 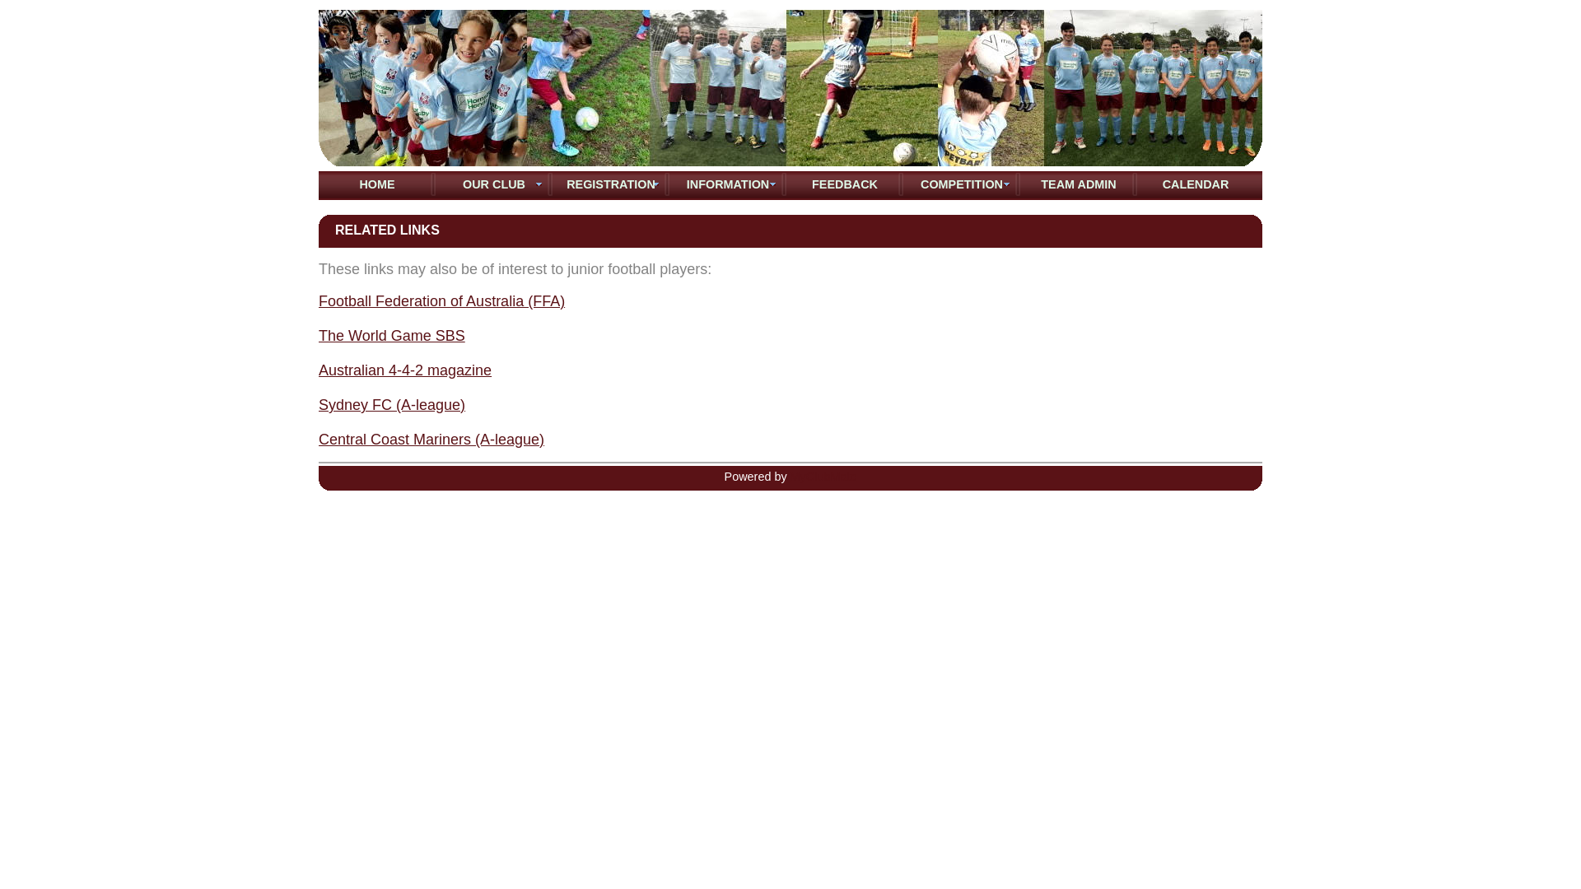 What do you see at coordinates (1079, 184) in the screenshot?
I see `'TEAM ADMIN'` at bounding box center [1079, 184].